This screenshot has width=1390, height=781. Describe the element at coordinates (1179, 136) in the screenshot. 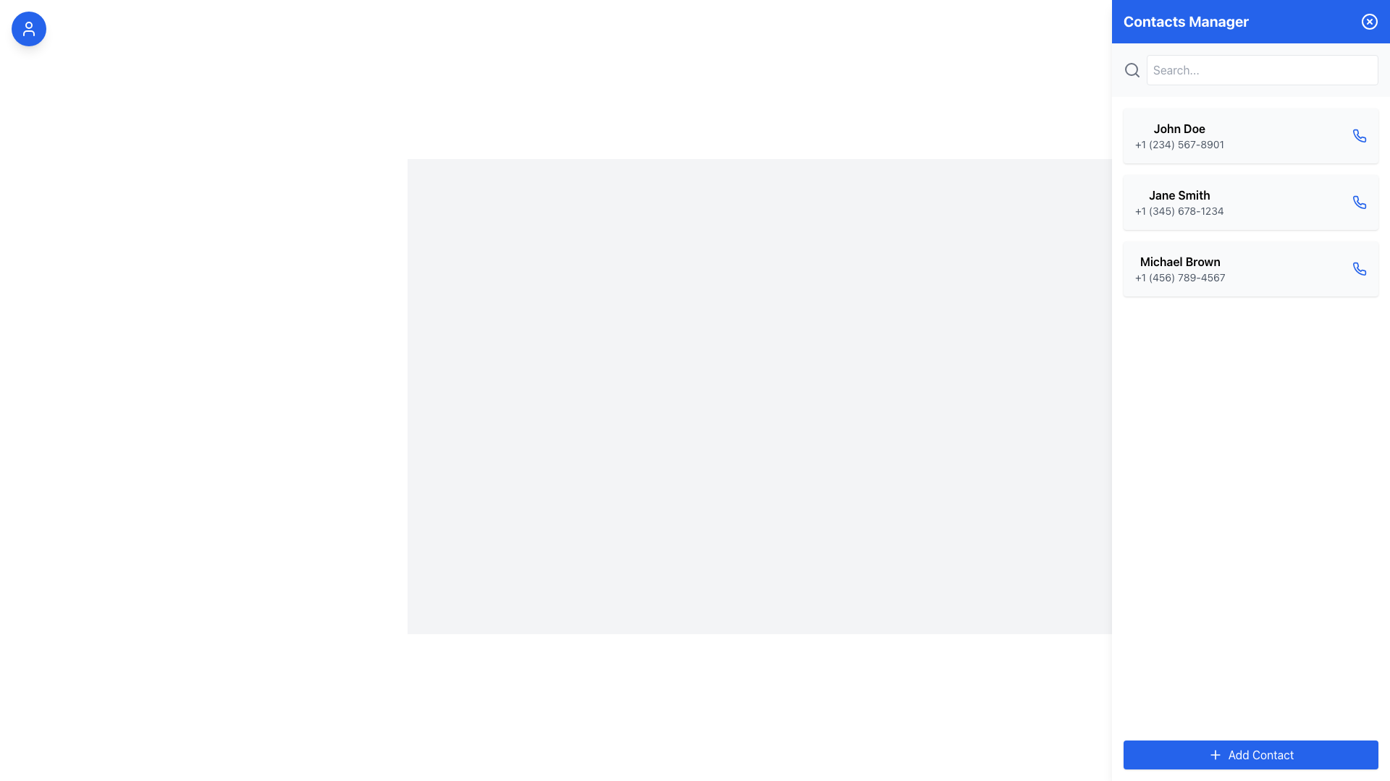

I see `the first entry in the Contacts Manager sidebar that displays the contact's name and phone number` at that location.